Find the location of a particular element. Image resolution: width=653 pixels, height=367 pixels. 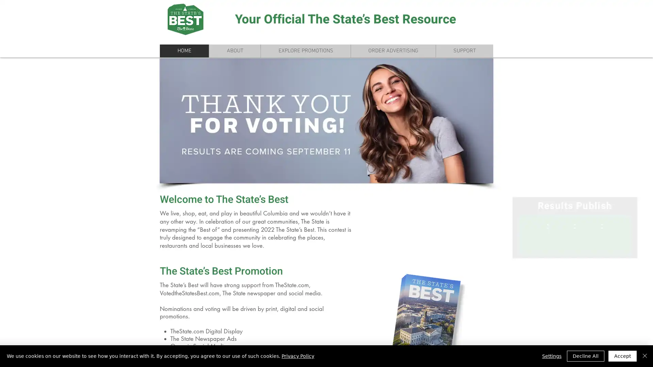

Decline All is located at coordinates (585, 356).